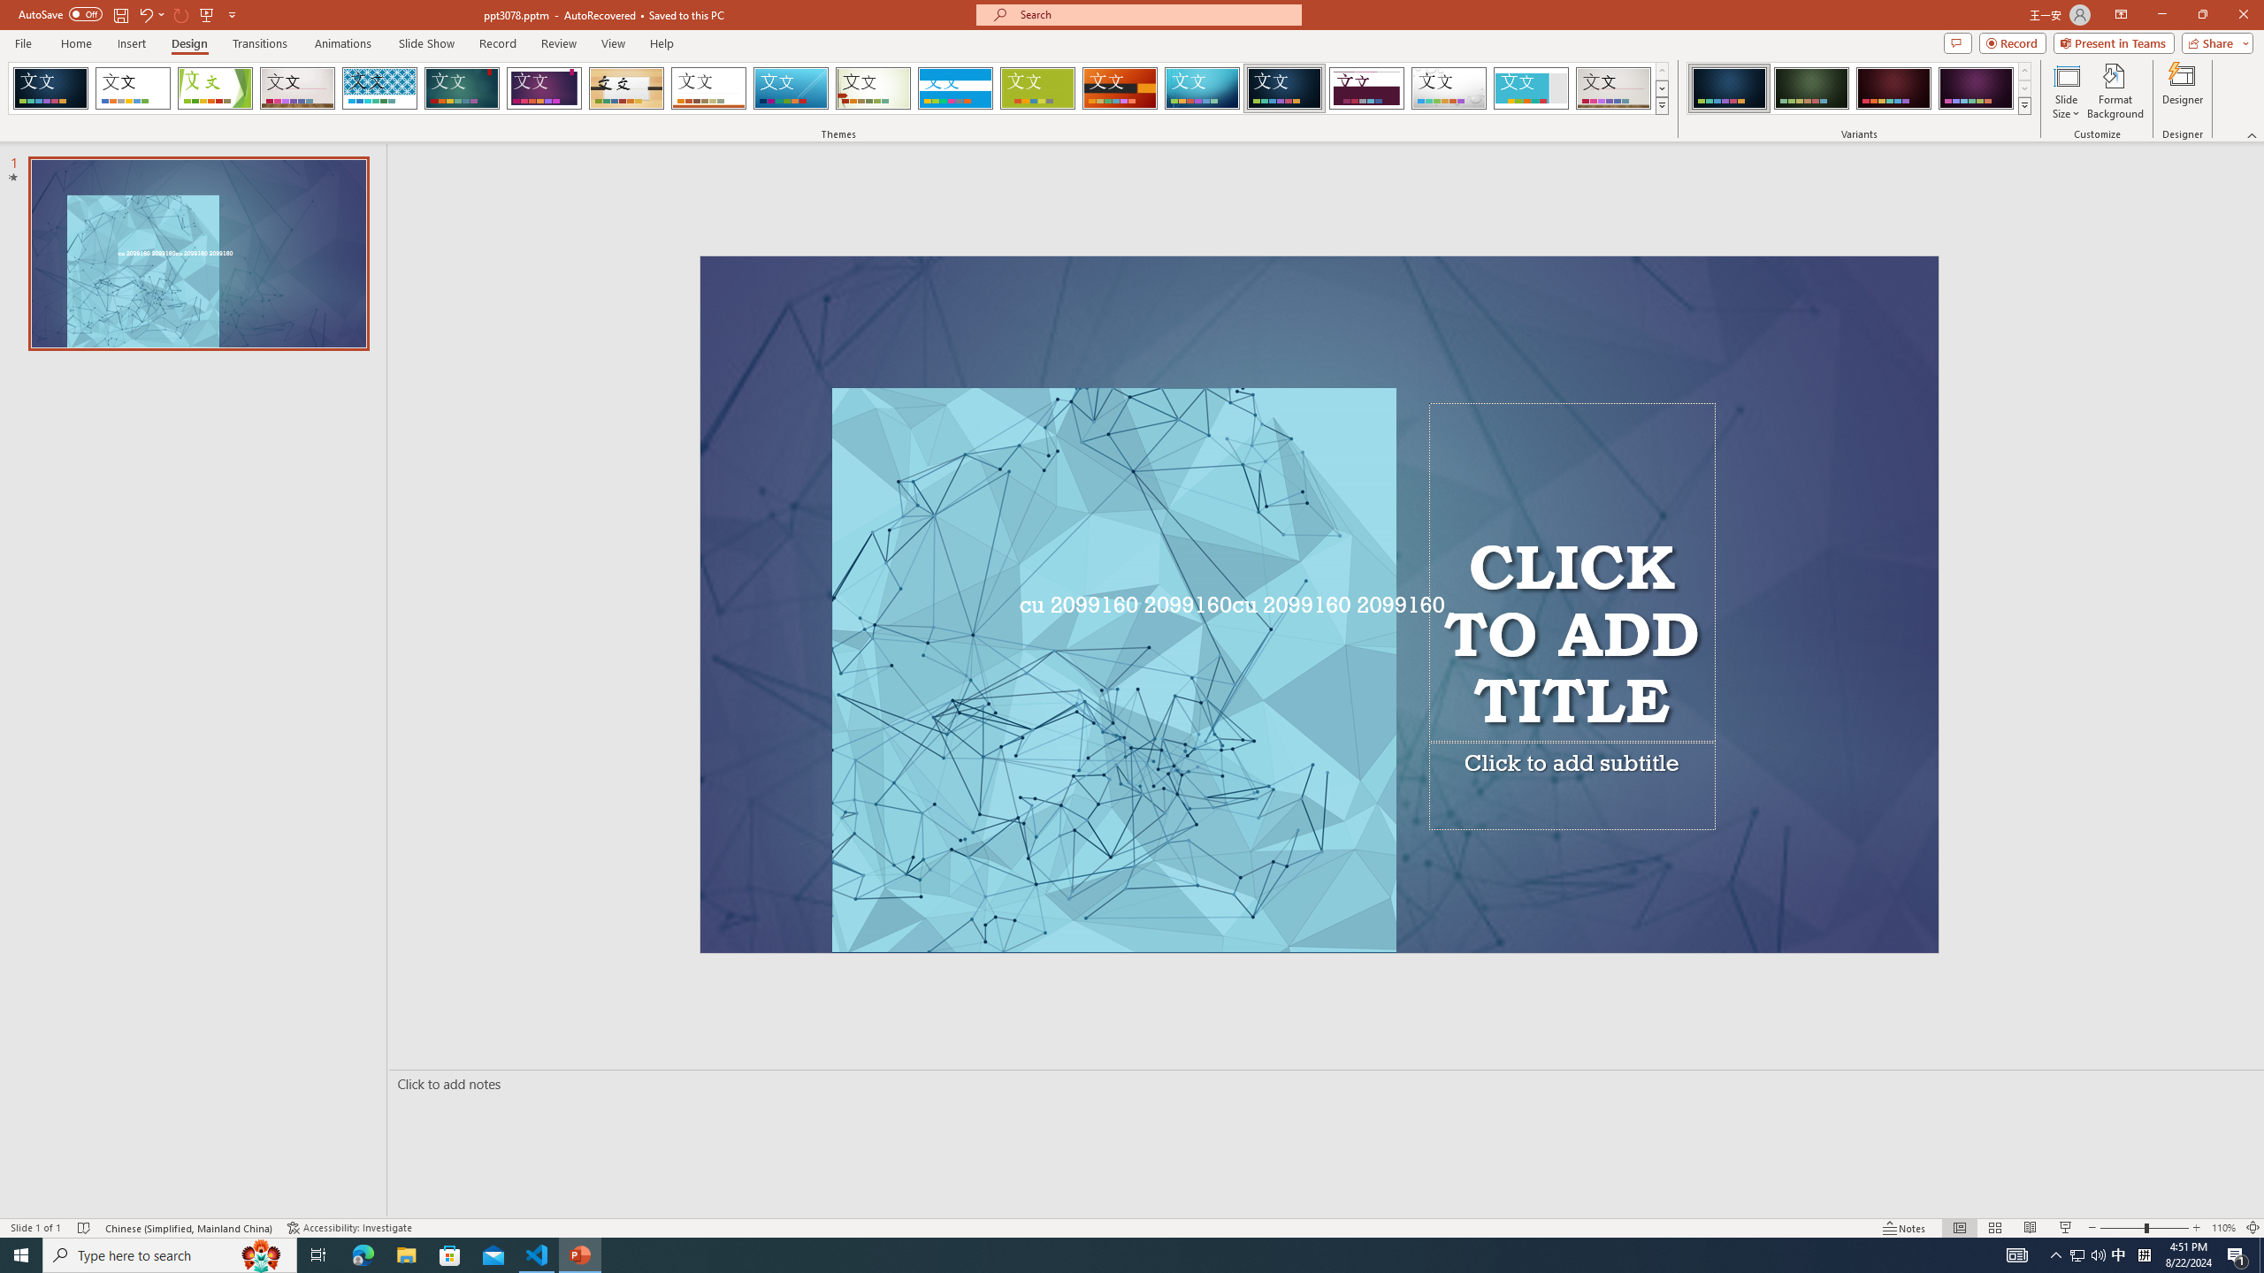  Describe the element at coordinates (379, 88) in the screenshot. I see `'Integral'` at that location.